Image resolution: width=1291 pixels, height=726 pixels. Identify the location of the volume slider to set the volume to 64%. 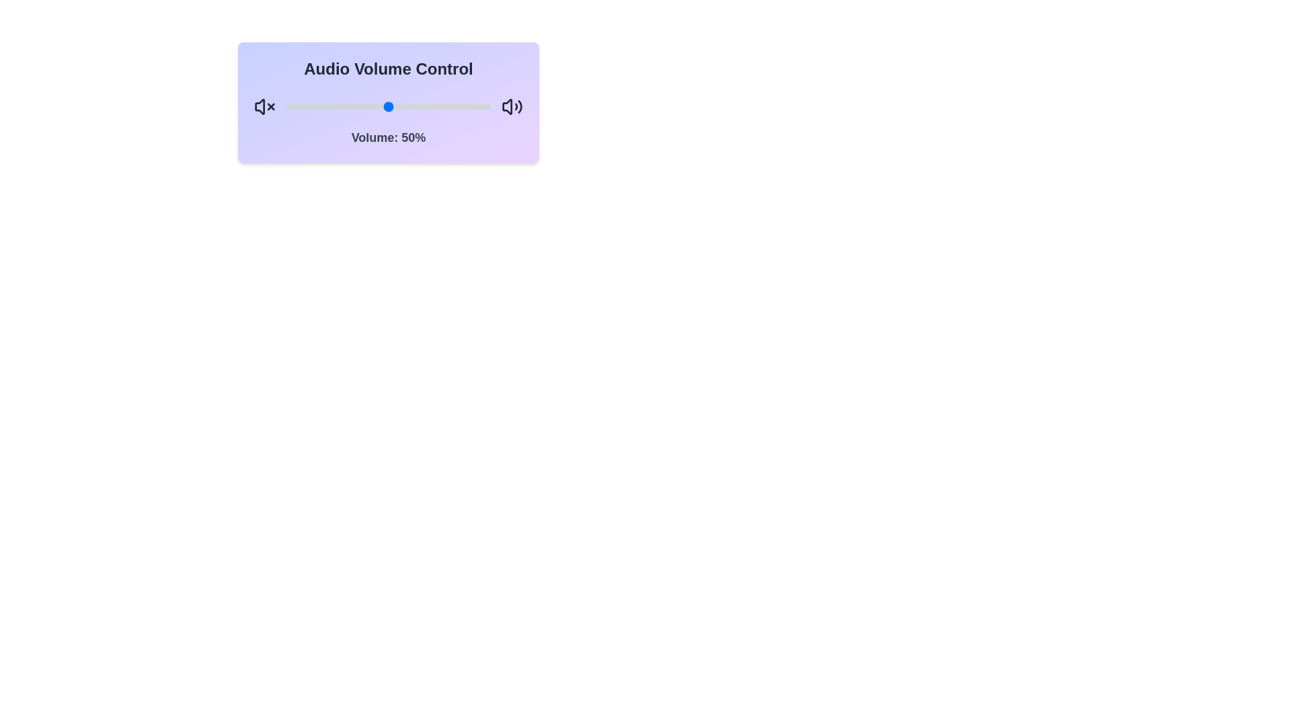
(416, 106).